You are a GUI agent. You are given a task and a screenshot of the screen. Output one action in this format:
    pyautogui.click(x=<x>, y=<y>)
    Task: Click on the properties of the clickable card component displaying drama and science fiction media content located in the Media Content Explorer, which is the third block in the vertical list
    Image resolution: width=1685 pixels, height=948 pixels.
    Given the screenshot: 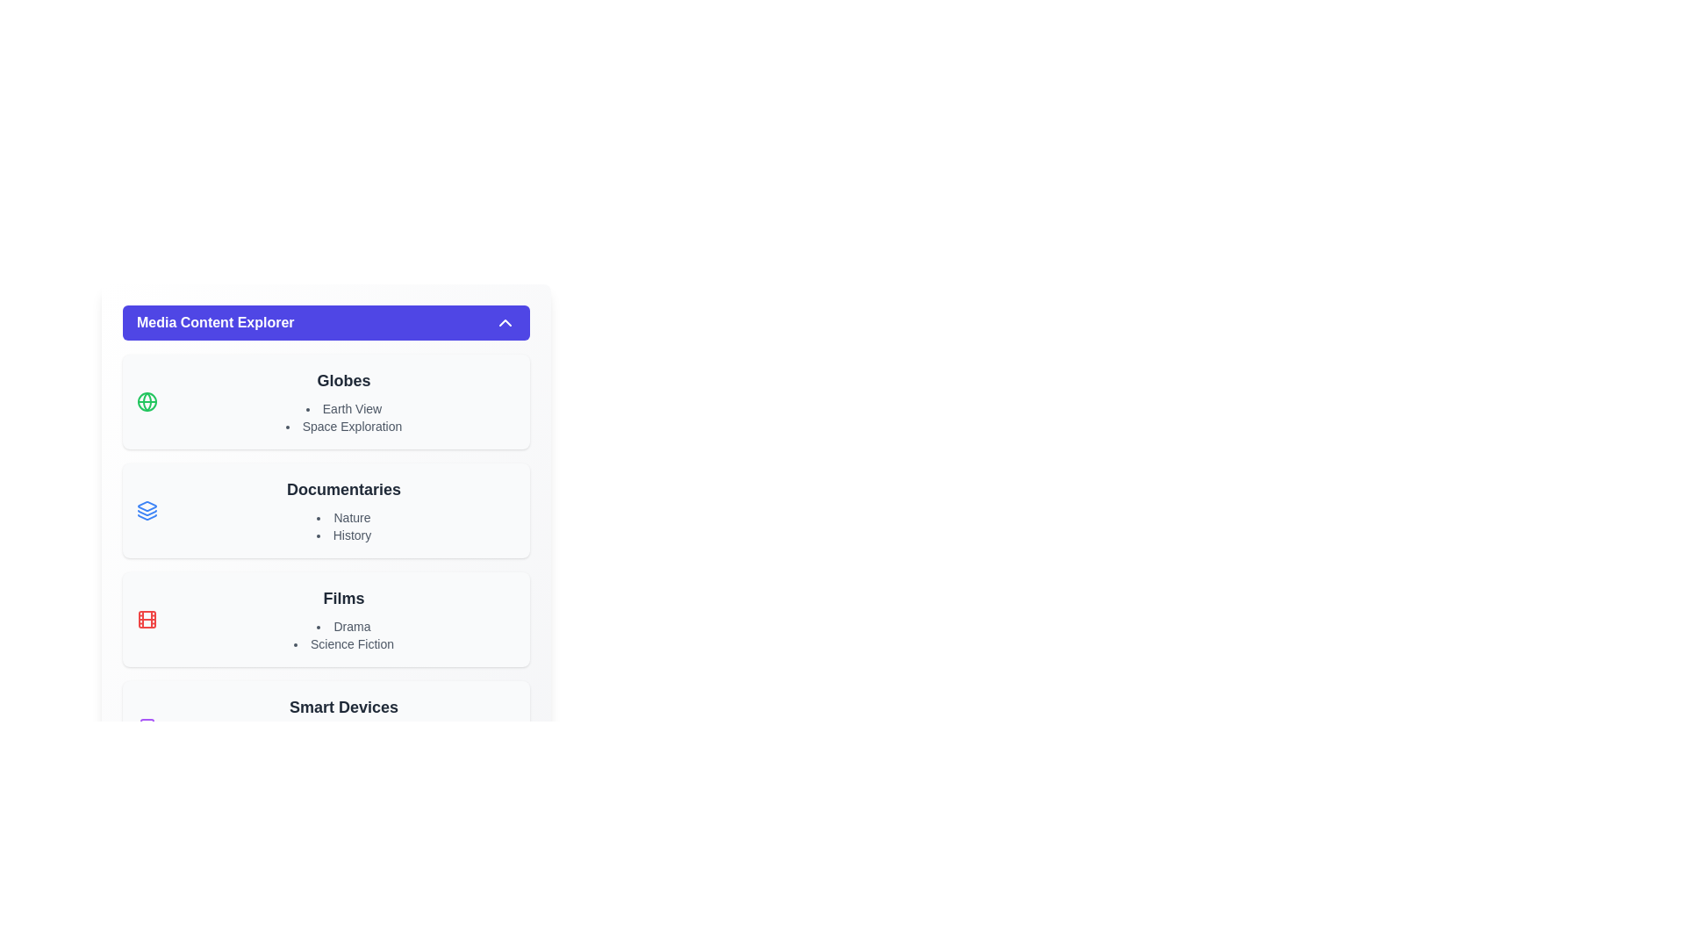 What is the action you would take?
    pyautogui.click(x=326, y=618)
    